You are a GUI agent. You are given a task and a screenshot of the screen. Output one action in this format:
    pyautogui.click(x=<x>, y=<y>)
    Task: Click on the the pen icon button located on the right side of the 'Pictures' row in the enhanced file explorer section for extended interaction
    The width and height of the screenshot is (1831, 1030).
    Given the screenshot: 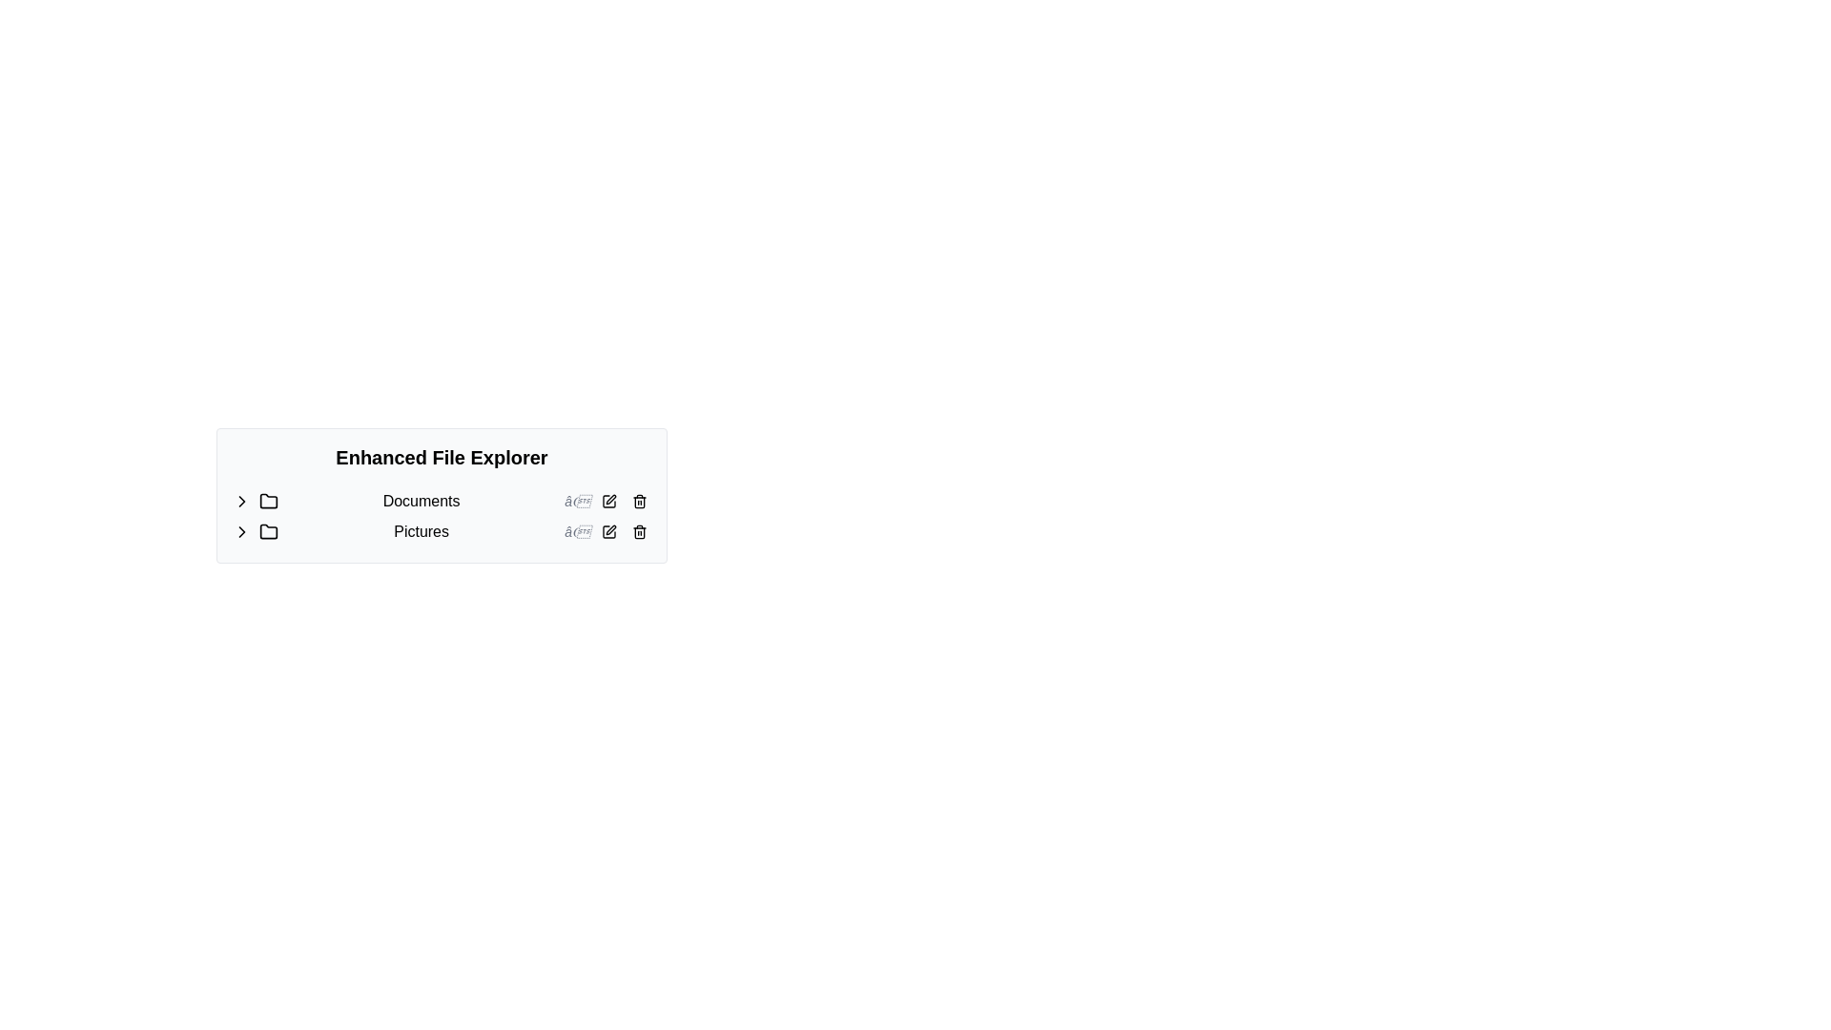 What is the action you would take?
    pyautogui.click(x=611, y=499)
    